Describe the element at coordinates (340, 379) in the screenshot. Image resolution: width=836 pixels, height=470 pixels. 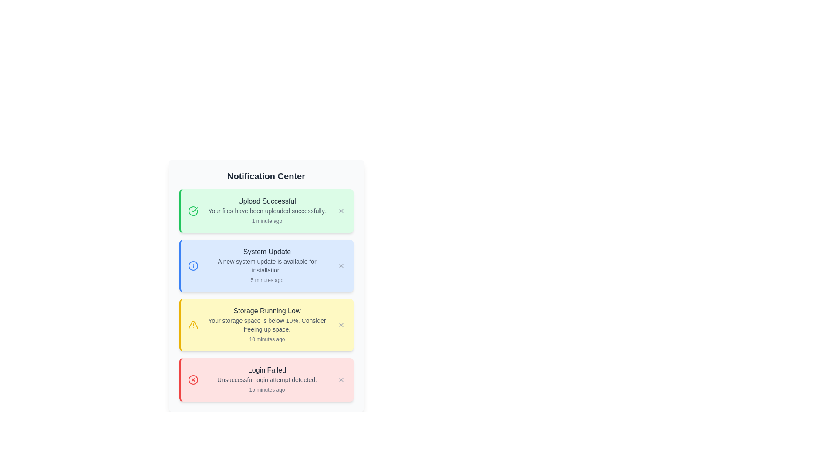
I see `the close button icon on the far-right side of the 'Login Failed' notification entry in the Notification Center` at that location.